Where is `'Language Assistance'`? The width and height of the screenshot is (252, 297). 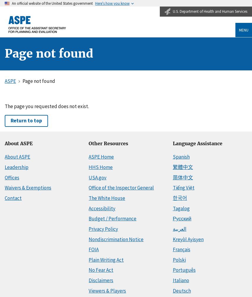 'Language Assistance' is located at coordinates (172, 143).